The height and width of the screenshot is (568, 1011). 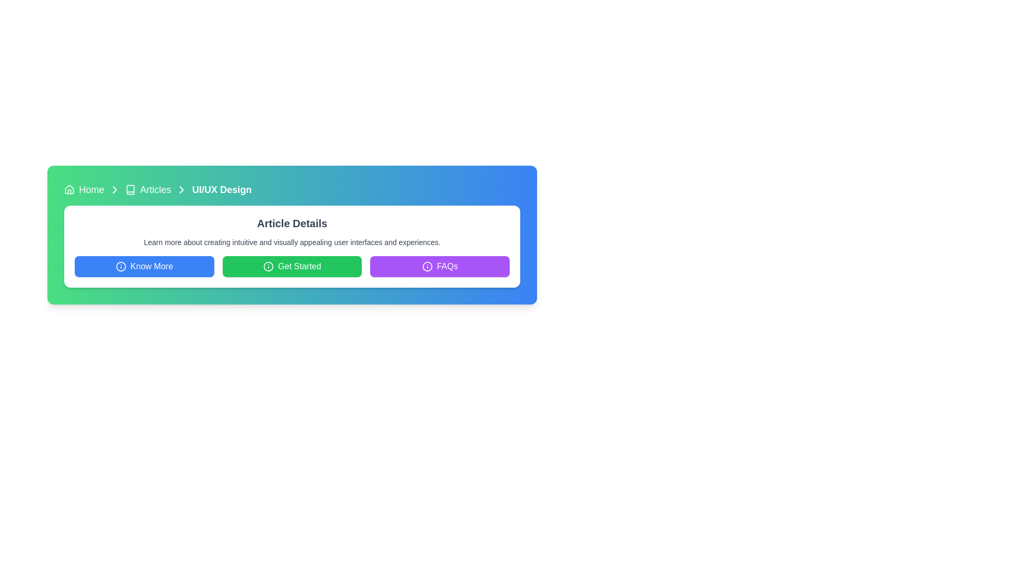 What do you see at coordinates (269, 266) in the screenshot?
I see `the circular decorative graphical element with a green border located inside the 'Get Started' button` at bounding box center [269, 266].